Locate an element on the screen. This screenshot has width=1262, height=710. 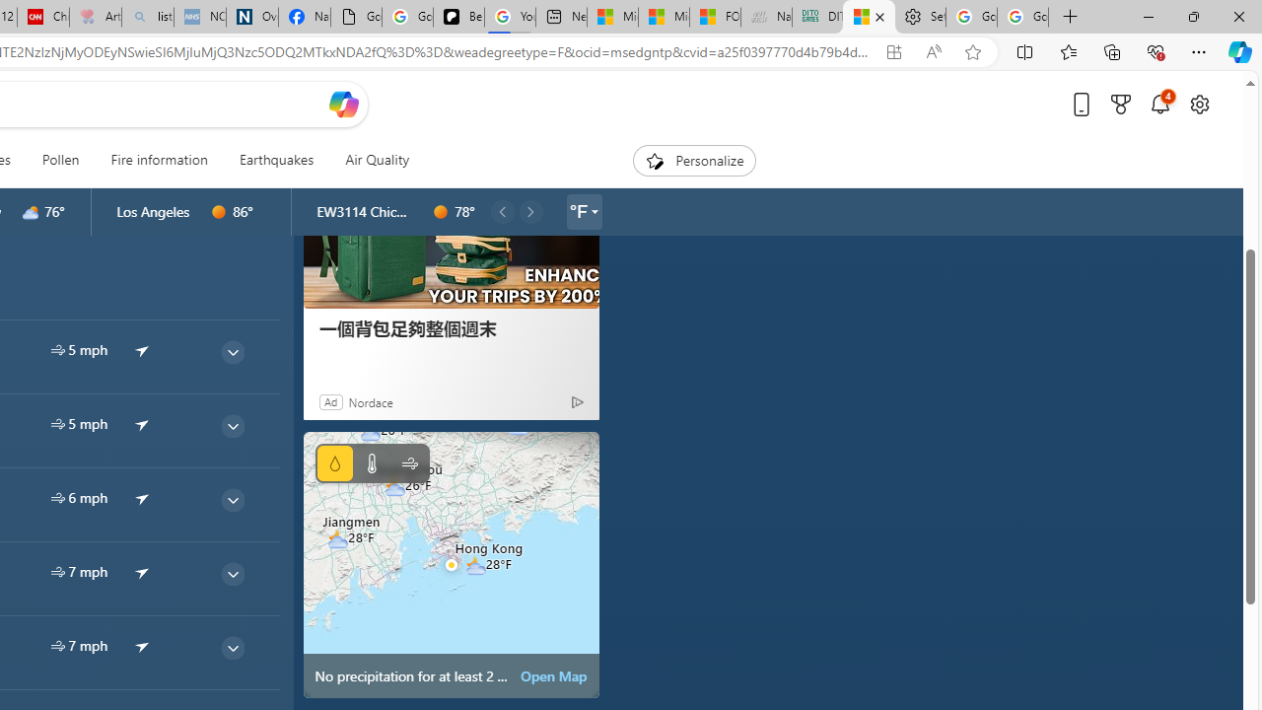
'Air Quality' is located at coordinates (370, 160).